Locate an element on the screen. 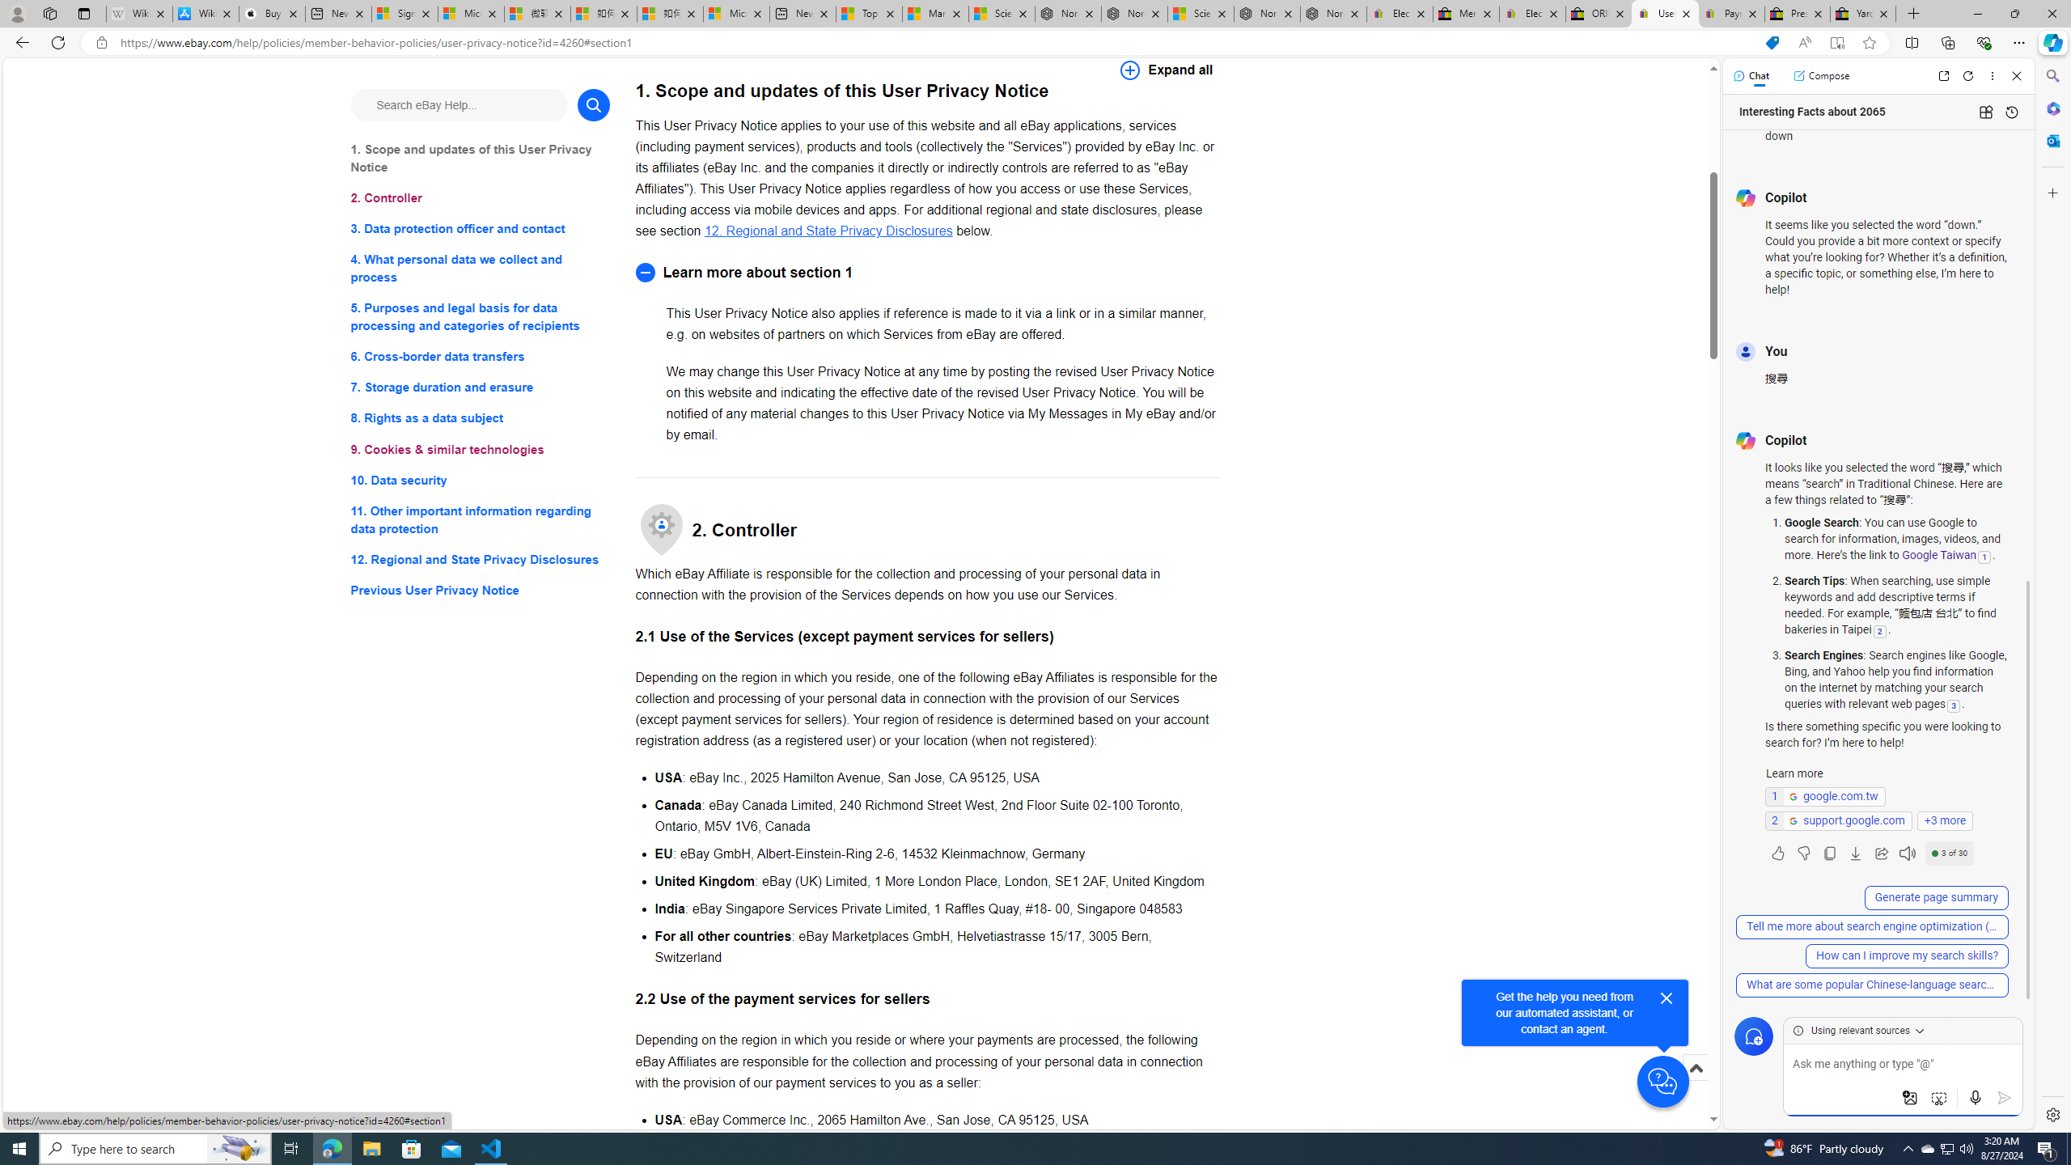  '6. Cross-border data transfers' is located at coordinates (479, 357).